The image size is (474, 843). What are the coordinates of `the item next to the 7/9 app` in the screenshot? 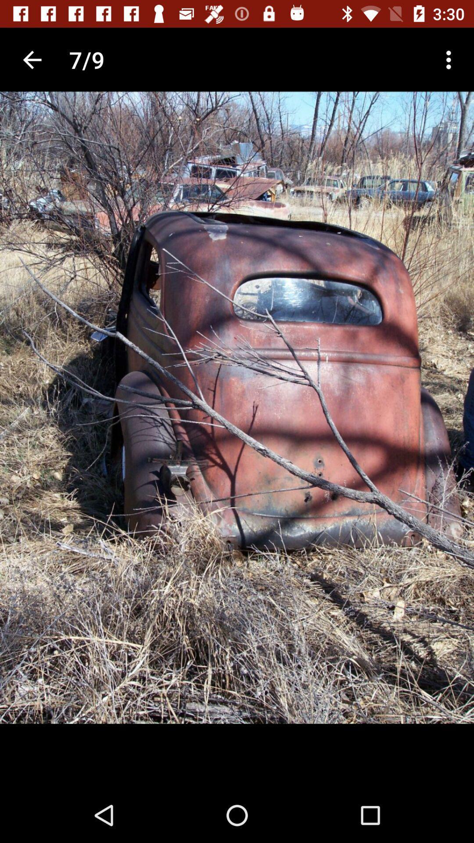 It's located at (32, 59).